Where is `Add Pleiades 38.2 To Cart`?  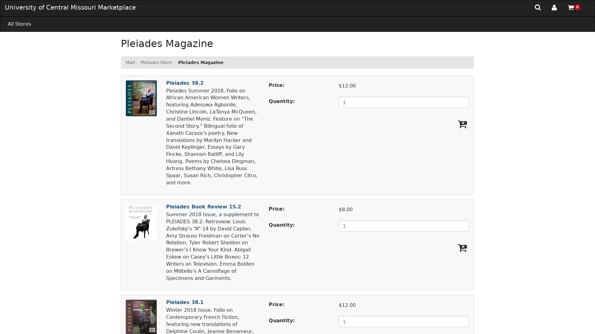
Add Pleiades 38.2 To Cart is located at coordinates (462, 125).